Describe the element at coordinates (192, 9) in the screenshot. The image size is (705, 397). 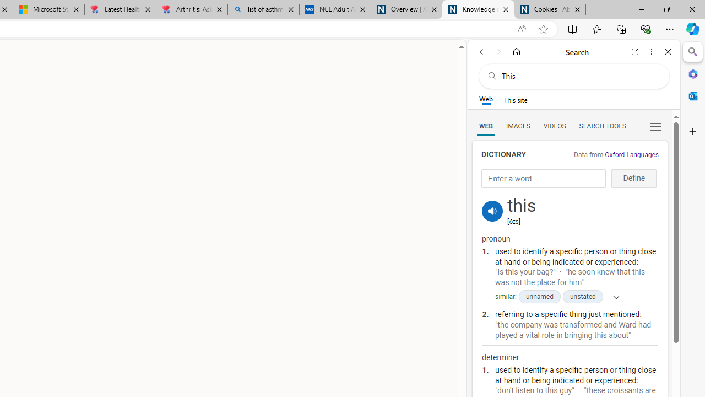
I see `'Arthritis: Ask Health Professionals'` at that location.